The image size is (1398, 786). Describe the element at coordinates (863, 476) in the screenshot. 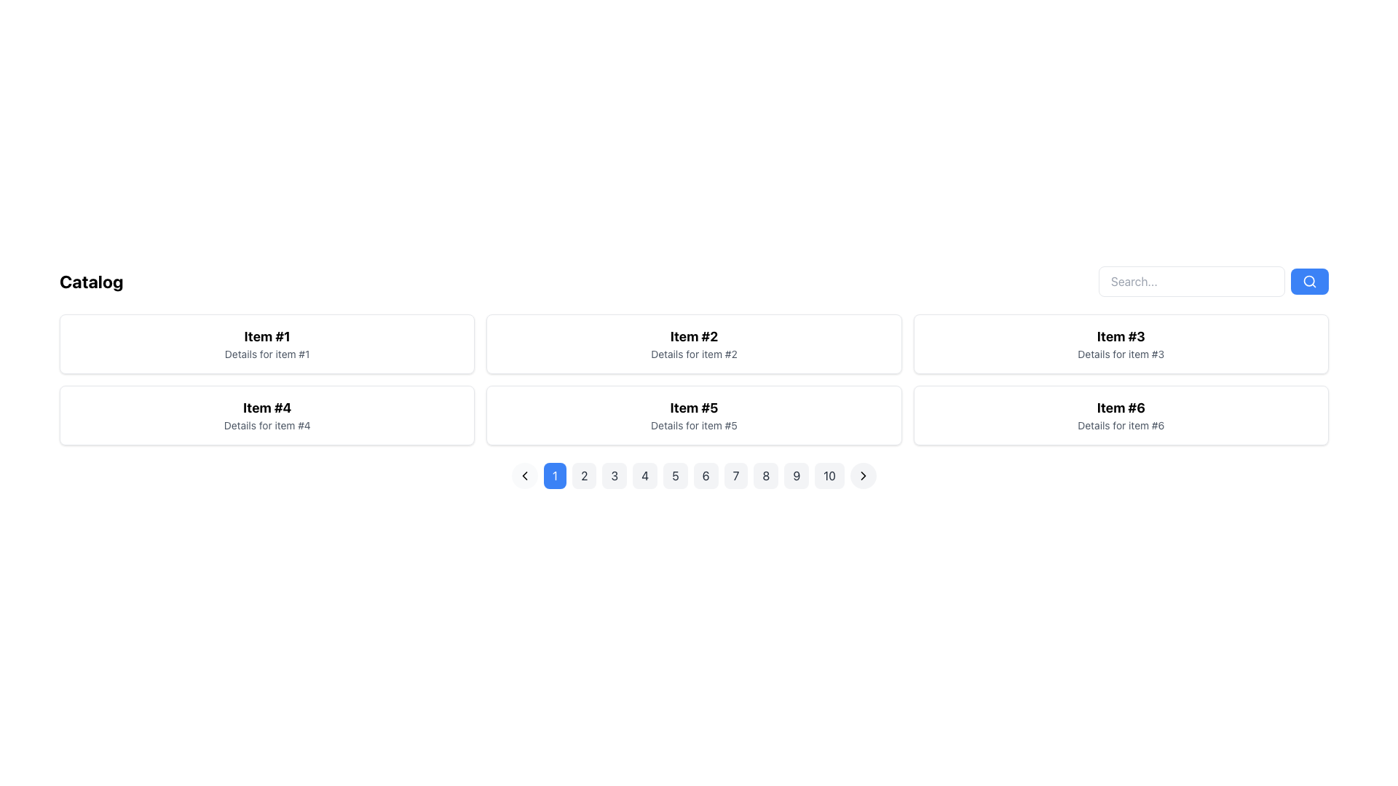

I see `the pagination icon located to the right of the number 10, which indicates navigation to the next set of items or content pages` at that location.